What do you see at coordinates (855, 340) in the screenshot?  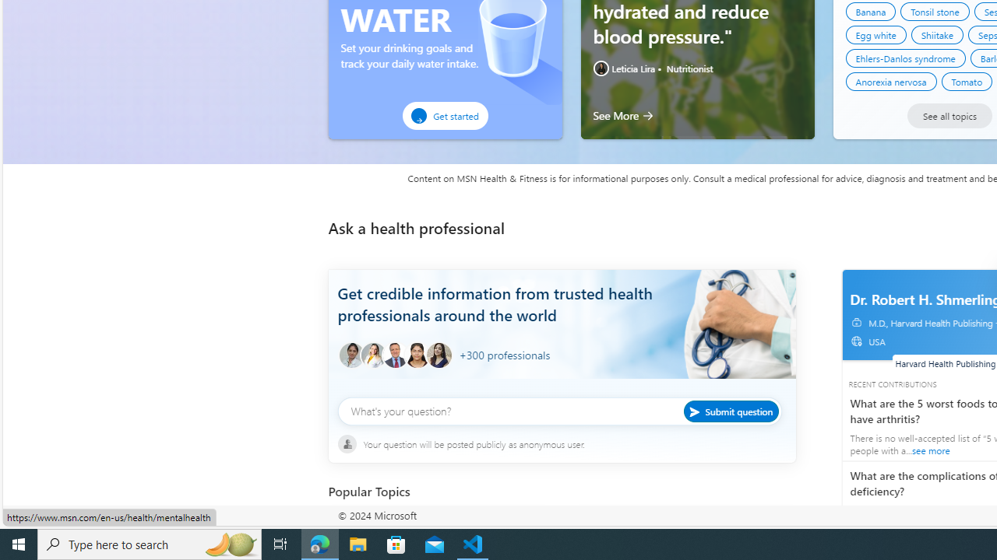 I see `'Class: vecOut'` at bounding box center [855, 340].